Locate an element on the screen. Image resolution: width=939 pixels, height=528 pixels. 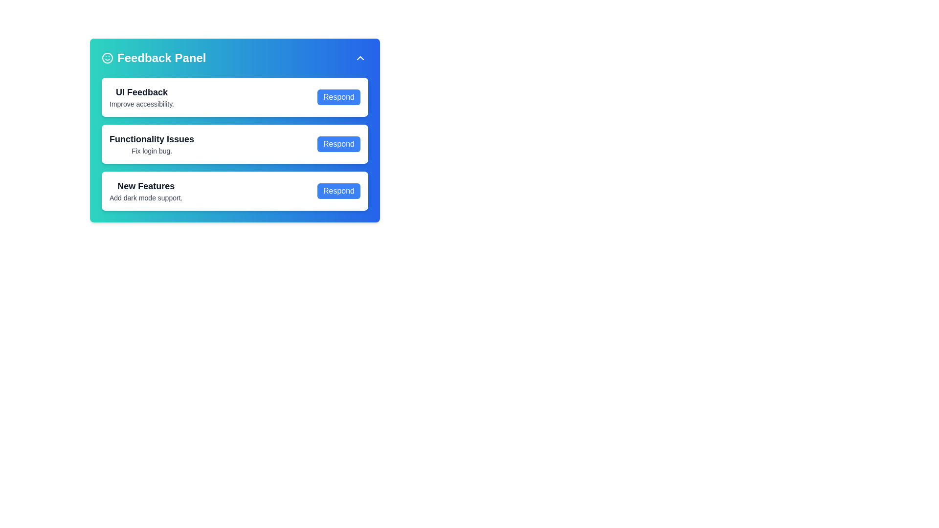
the 'Respond' button, which is the third button in a vertical list related to 'New Features', to trigger alternative interactions is located at coordinates (338, 191).